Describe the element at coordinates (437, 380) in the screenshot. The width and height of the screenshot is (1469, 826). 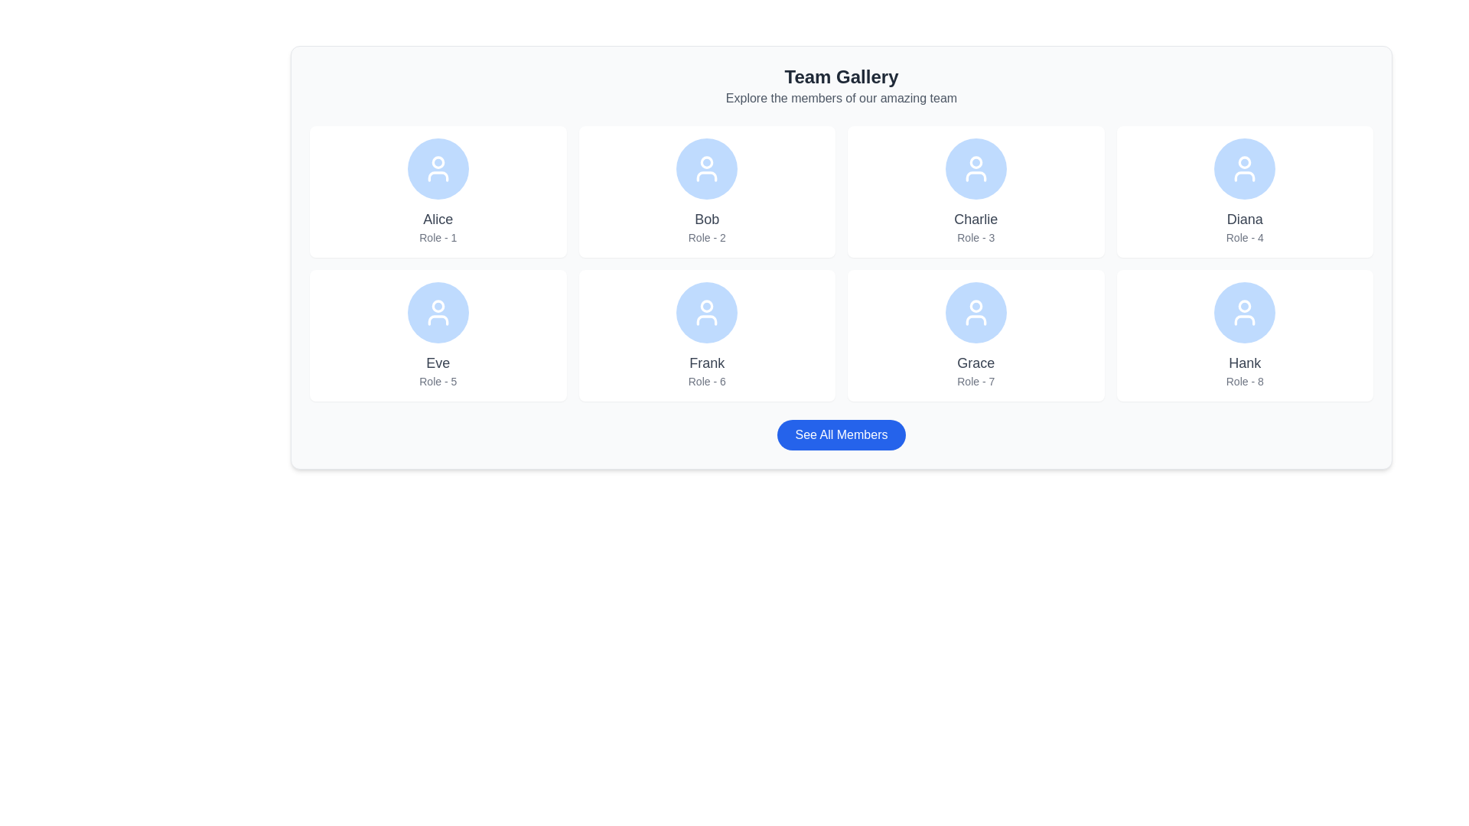
I see `the text label displaying 'Role - 5'` at that location.